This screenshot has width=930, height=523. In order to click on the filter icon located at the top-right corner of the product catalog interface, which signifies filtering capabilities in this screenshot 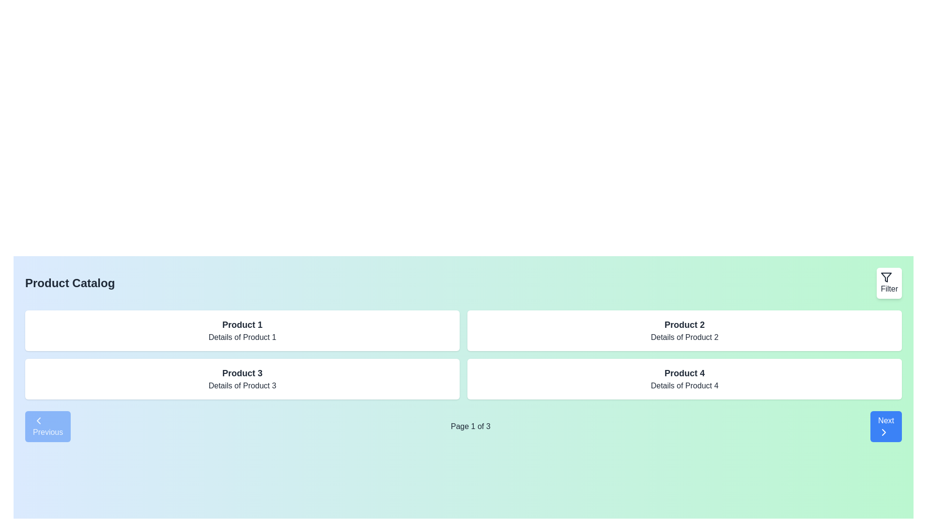, I will do `click(886, 277)`.